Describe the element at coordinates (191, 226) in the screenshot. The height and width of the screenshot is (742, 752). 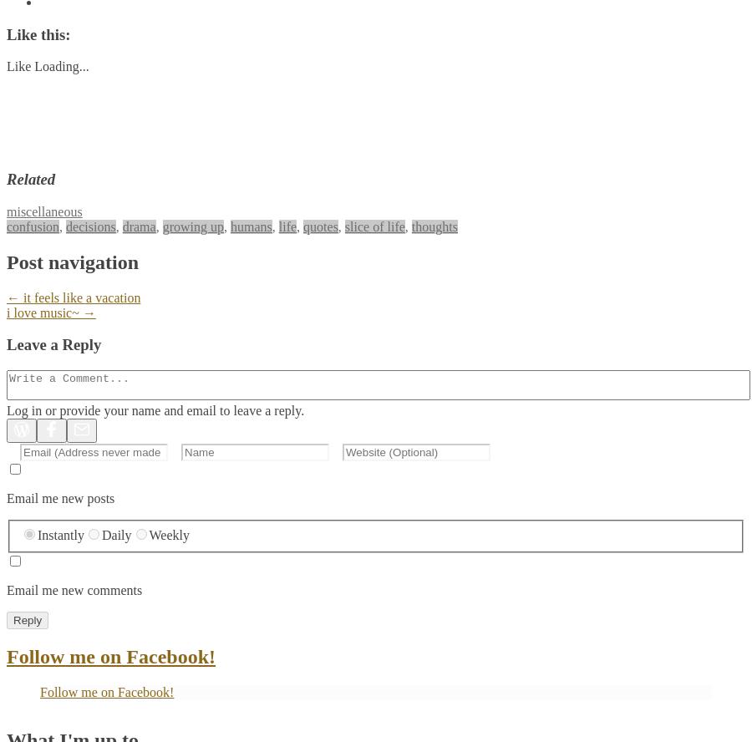
I see `'growing up'` at that location.